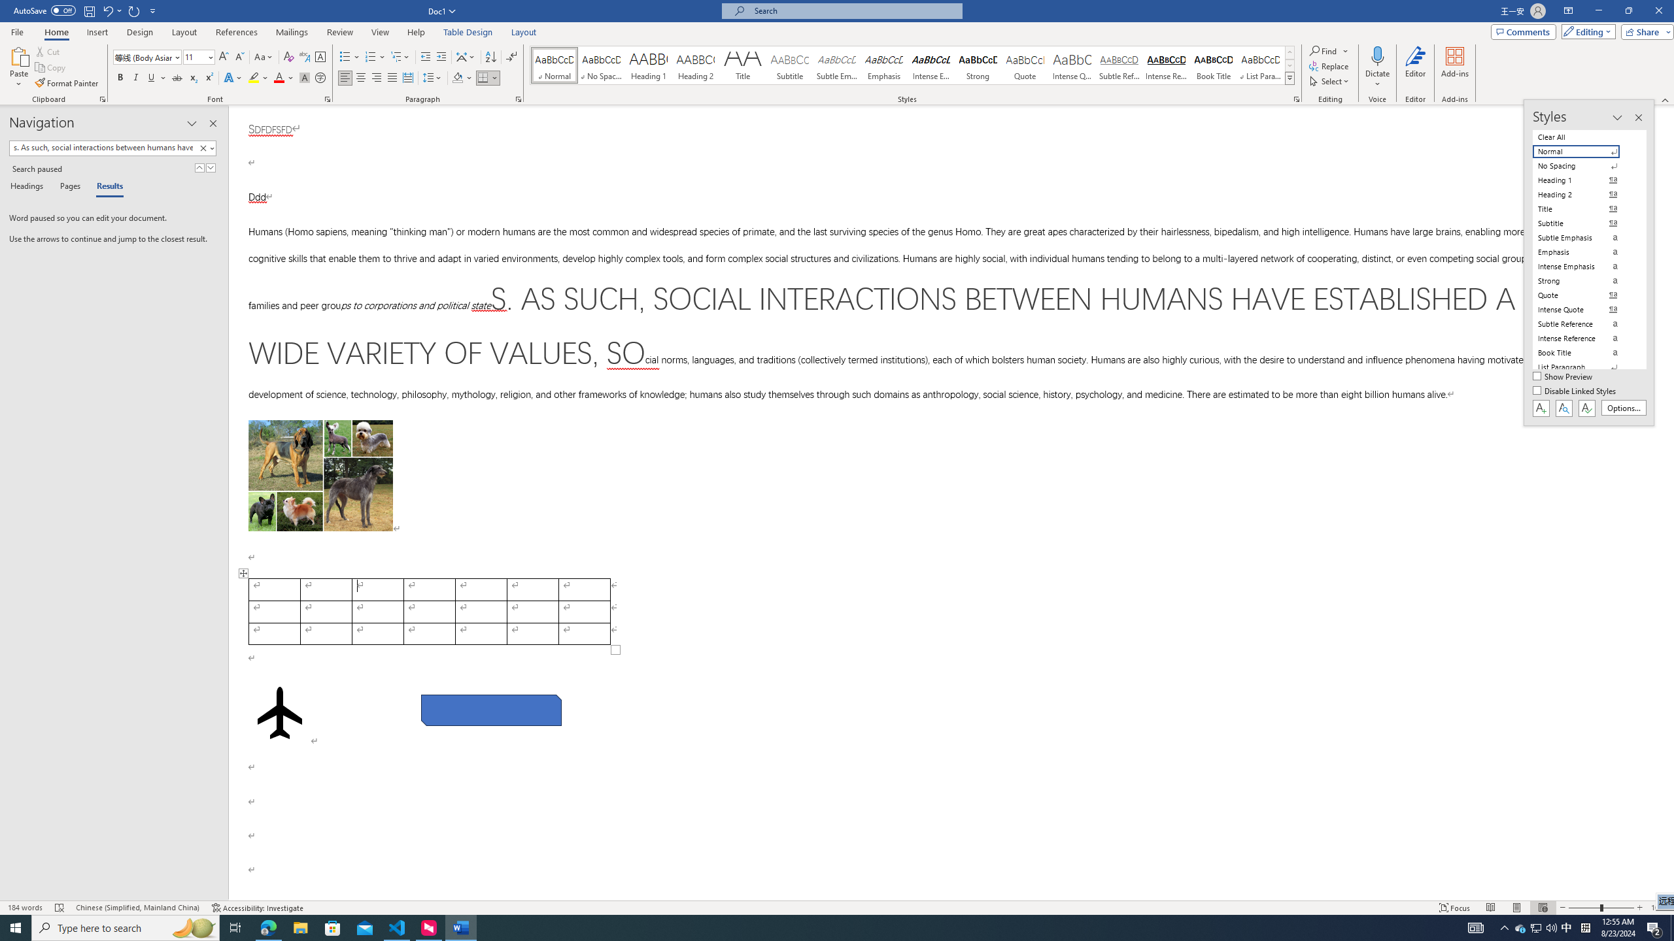 The height and width of the screenshot is (941, 1674). What do you see at coordinates (67, 83) in the screenshot?
I see `'Format Painter'` at bounding box center [67, 83].